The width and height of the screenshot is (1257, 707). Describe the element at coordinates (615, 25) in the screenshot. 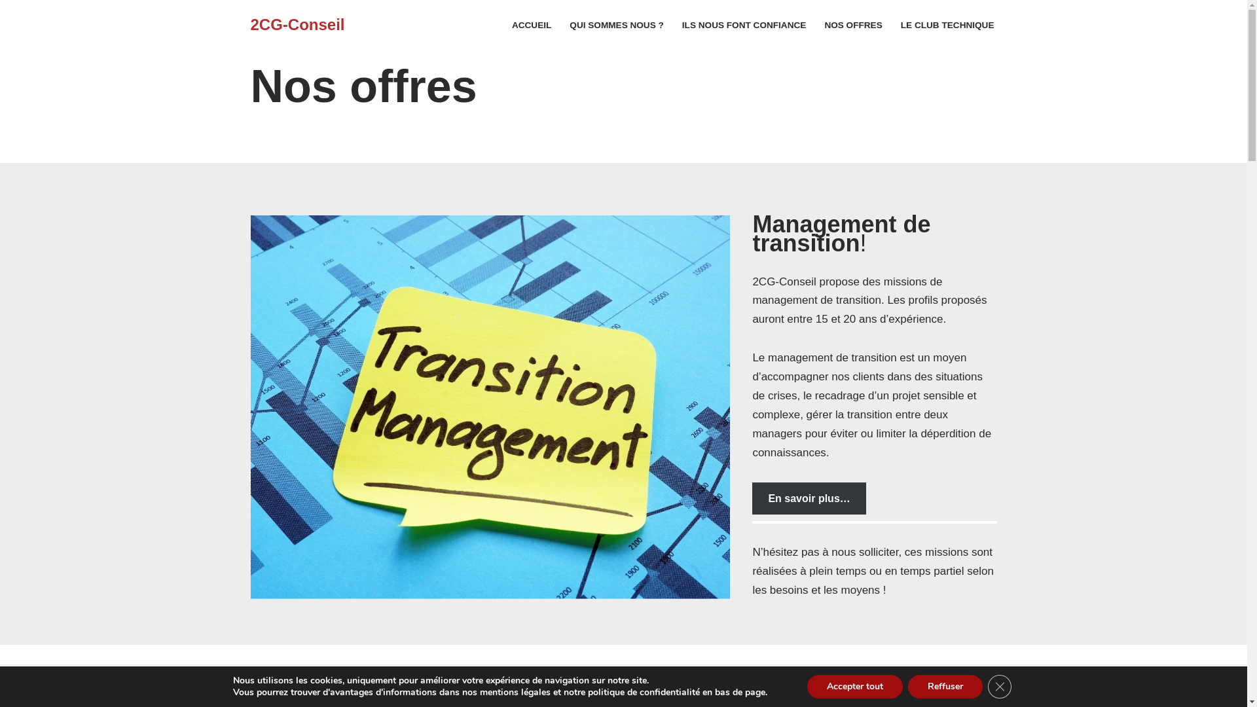

I see `'QUI SOMMES NOUS ?'` at that location.